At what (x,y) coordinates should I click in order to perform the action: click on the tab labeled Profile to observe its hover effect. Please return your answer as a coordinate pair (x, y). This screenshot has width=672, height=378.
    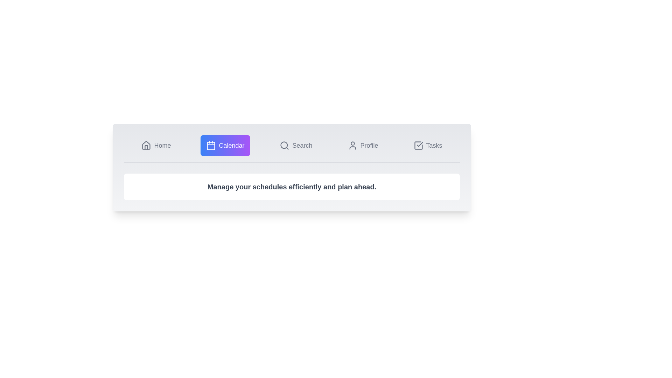
    Looking at the image, I should click on (363, 145).